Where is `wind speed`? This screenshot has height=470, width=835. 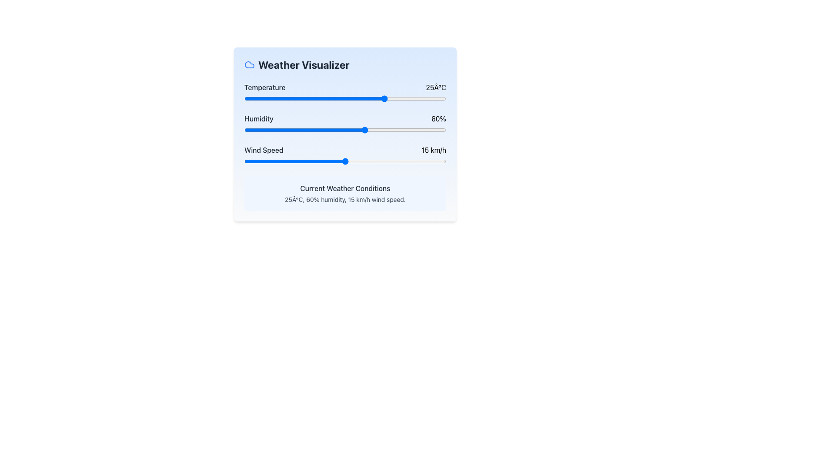
wind speed is located at coordinates (365, 161).